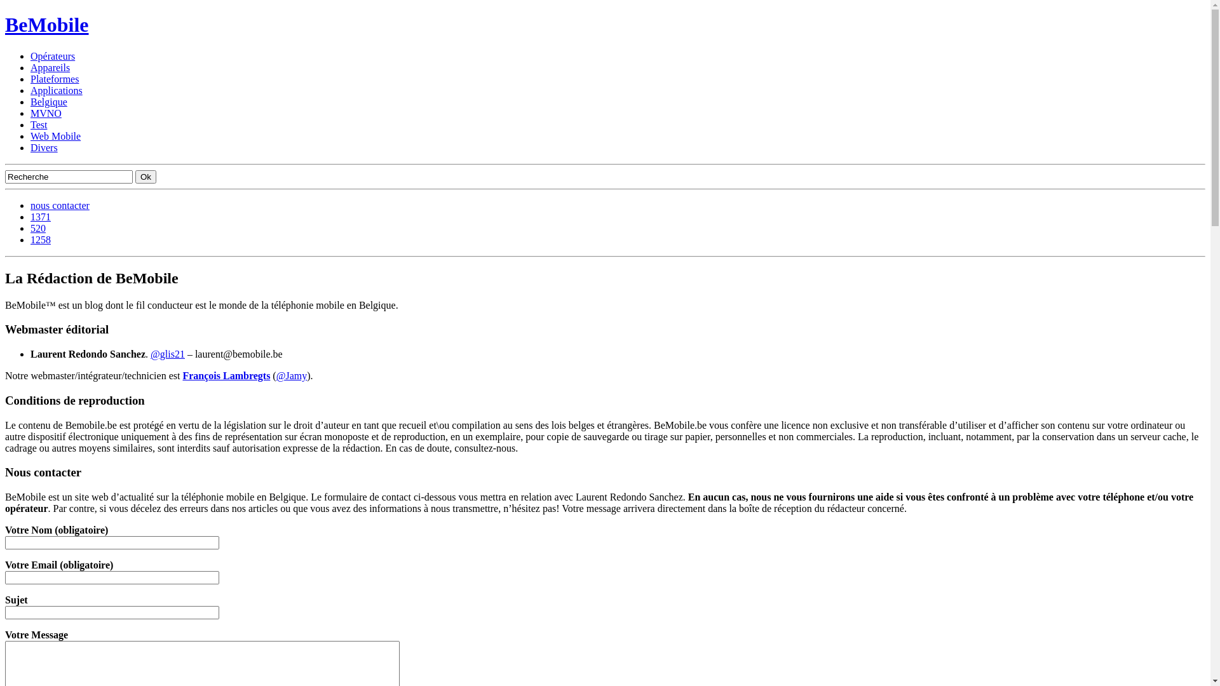  What do you see at coordinates (146, 177) in the screenshot?
I see `'Ok'` at bounding box center [146, 177].